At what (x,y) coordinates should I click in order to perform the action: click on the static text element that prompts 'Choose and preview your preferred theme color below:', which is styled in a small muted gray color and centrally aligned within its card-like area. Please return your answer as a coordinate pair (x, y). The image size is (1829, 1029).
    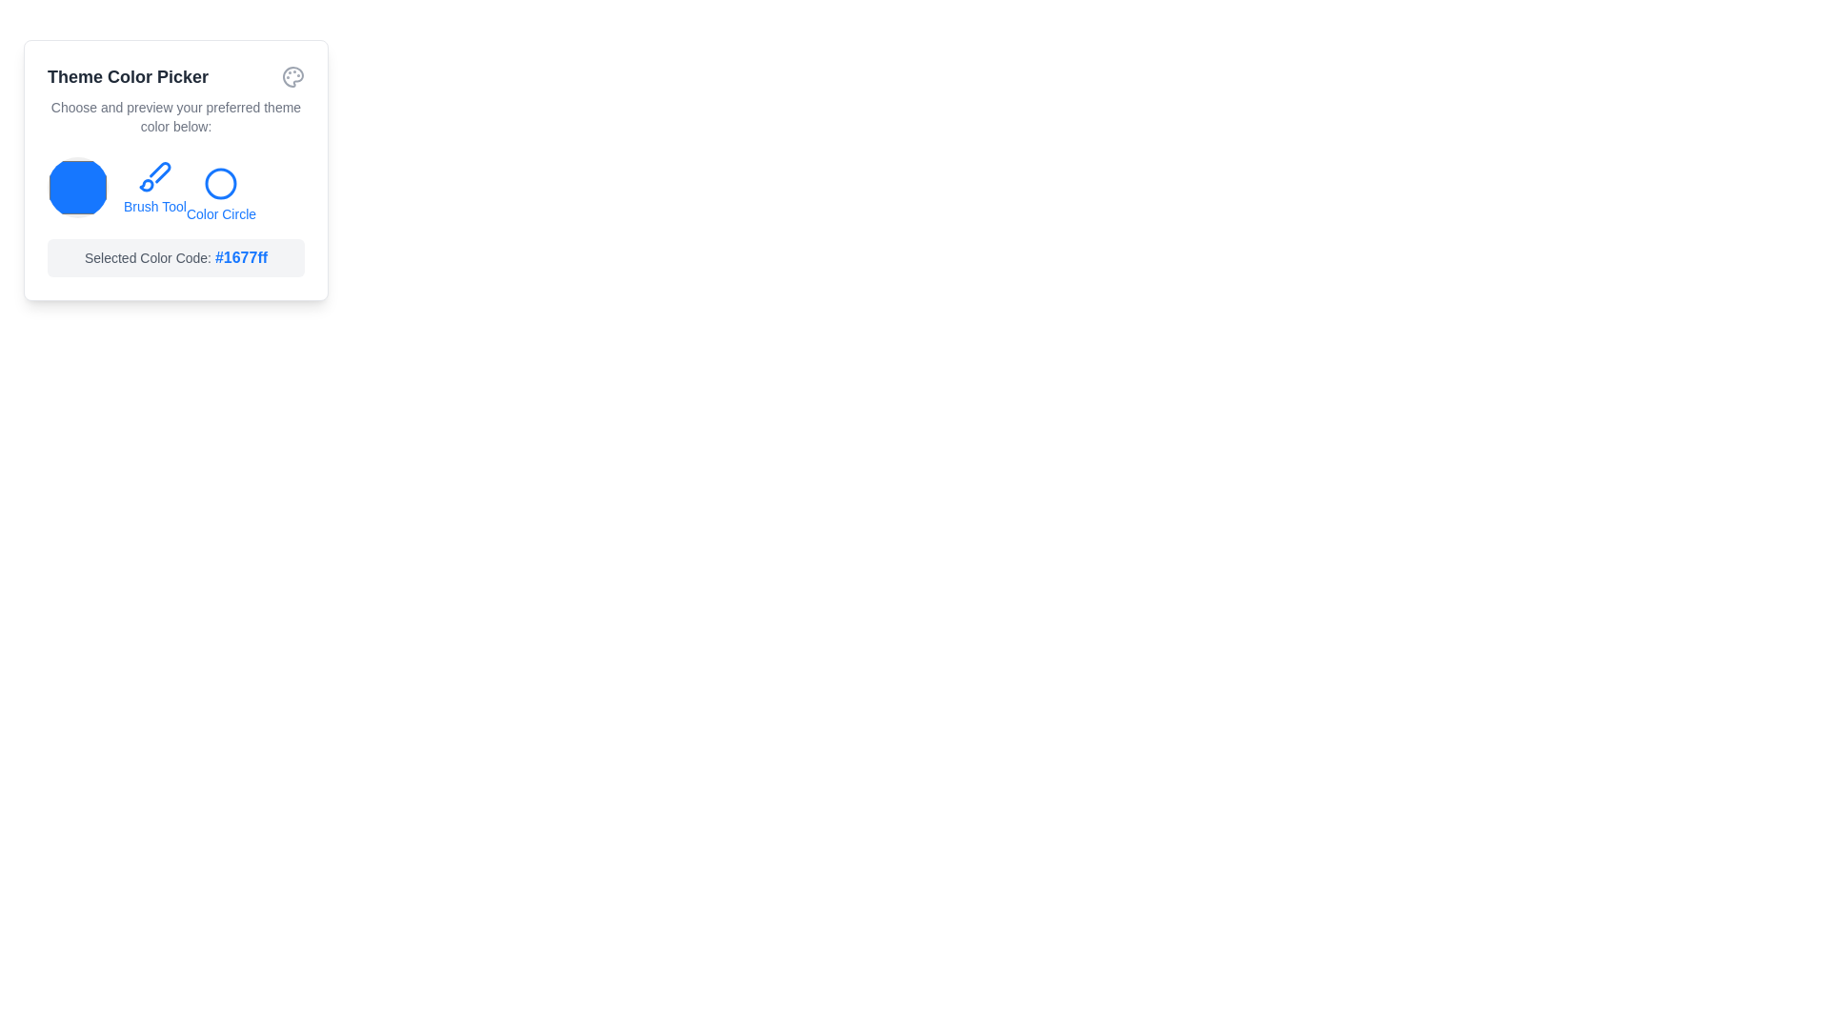
    Looking at the image, I should click on (176, 117).